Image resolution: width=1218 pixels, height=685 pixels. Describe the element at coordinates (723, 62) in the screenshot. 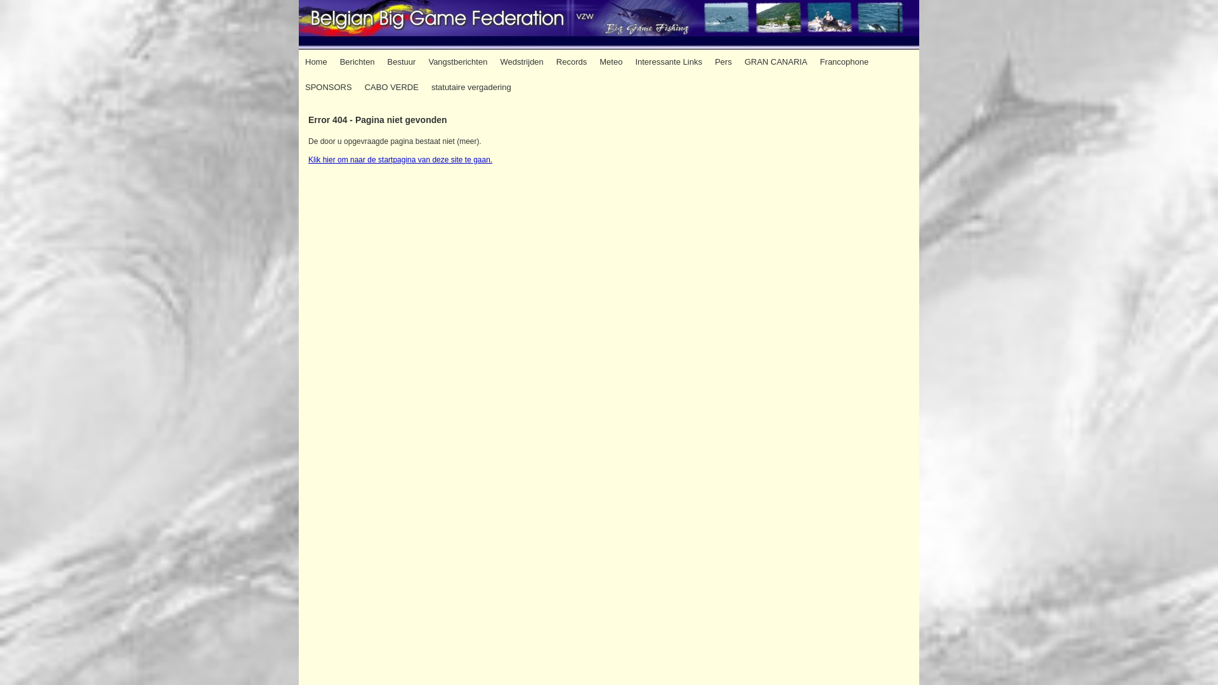

I see `'Pers'` at that location.